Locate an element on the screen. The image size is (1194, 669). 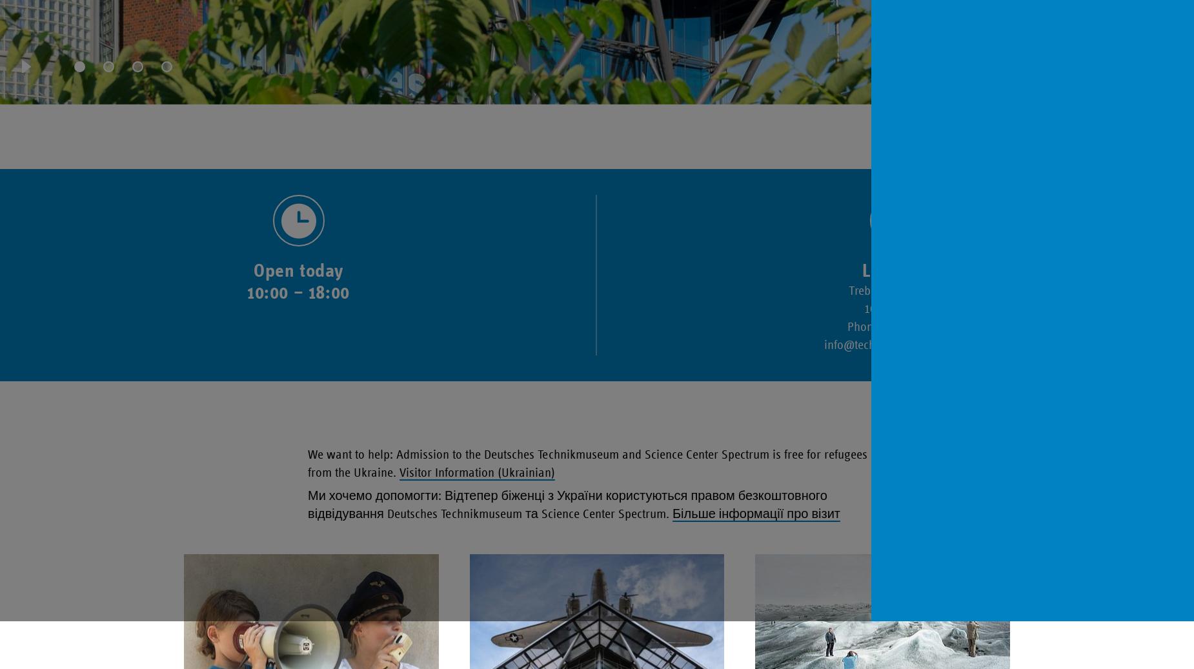
'jump to content 1' is located at coordinates (48, 41).